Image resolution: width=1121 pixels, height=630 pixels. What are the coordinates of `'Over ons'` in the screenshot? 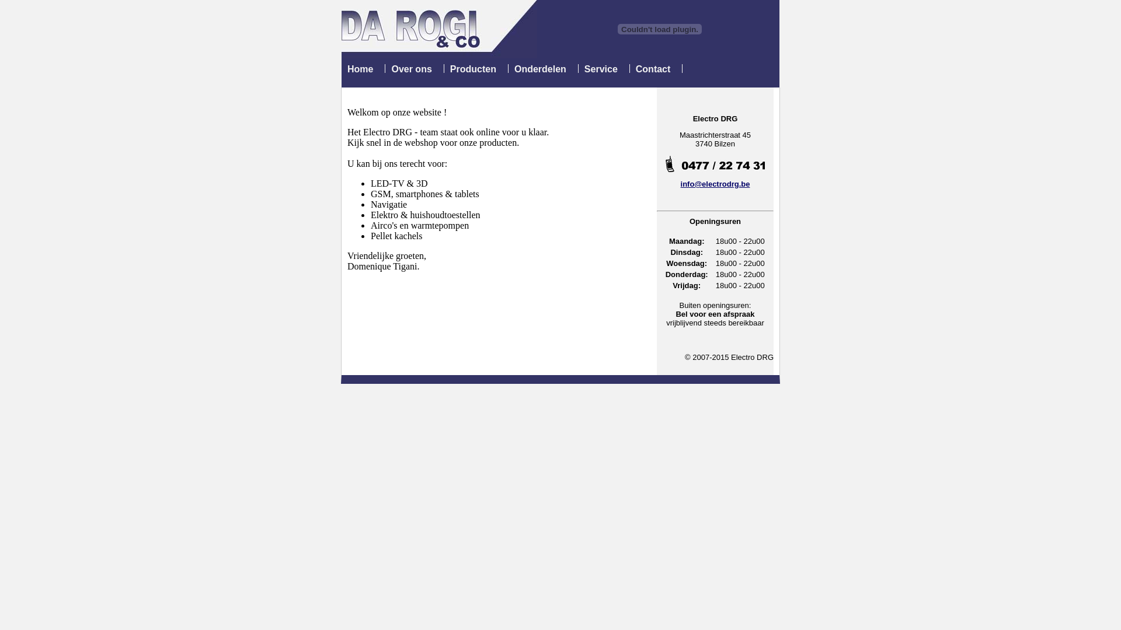 It's located at (411, 69).